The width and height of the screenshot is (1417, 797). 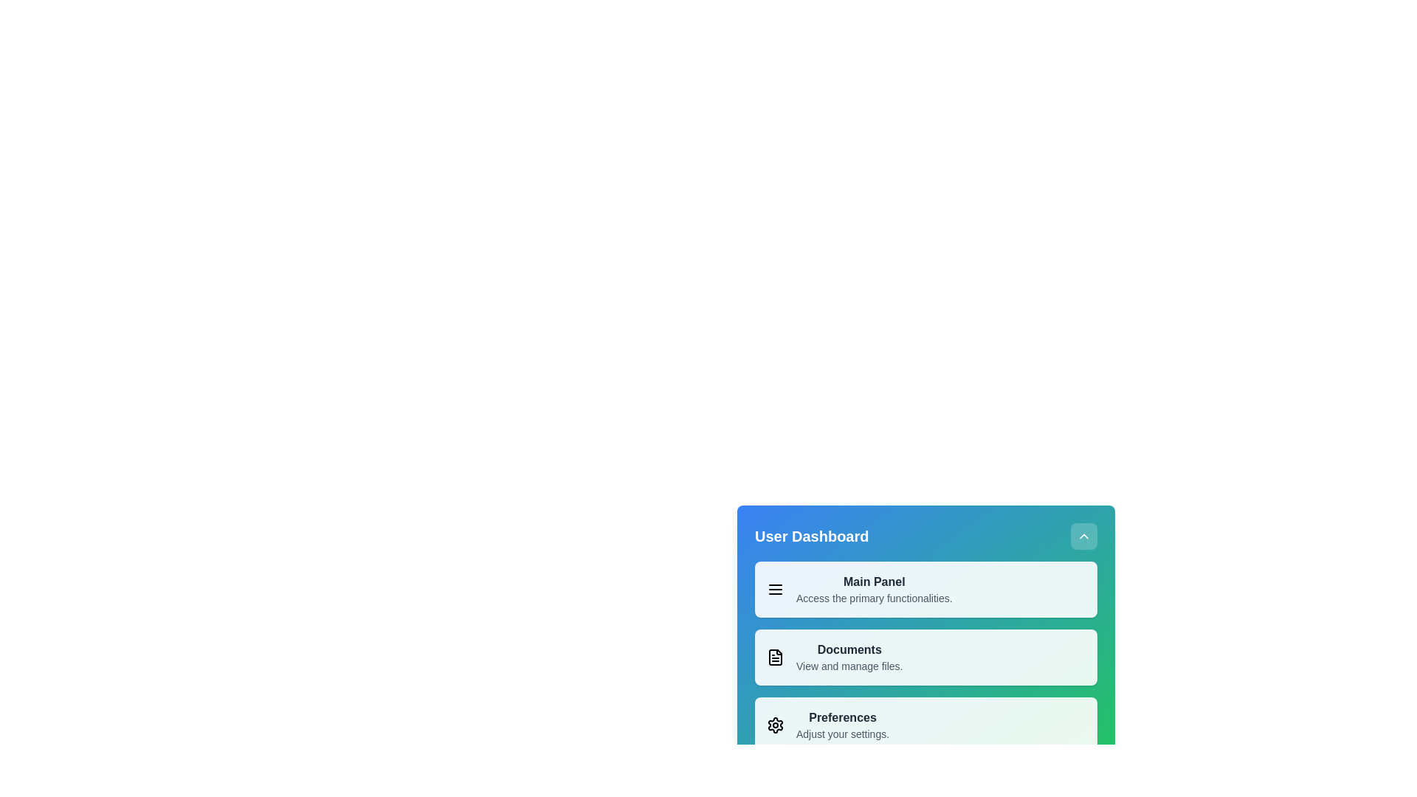 What do you see at coordinates (1083, 536) in the screenshot?
I see `the toggle button to change the panel visibility` at bounding box center [1083, 536].